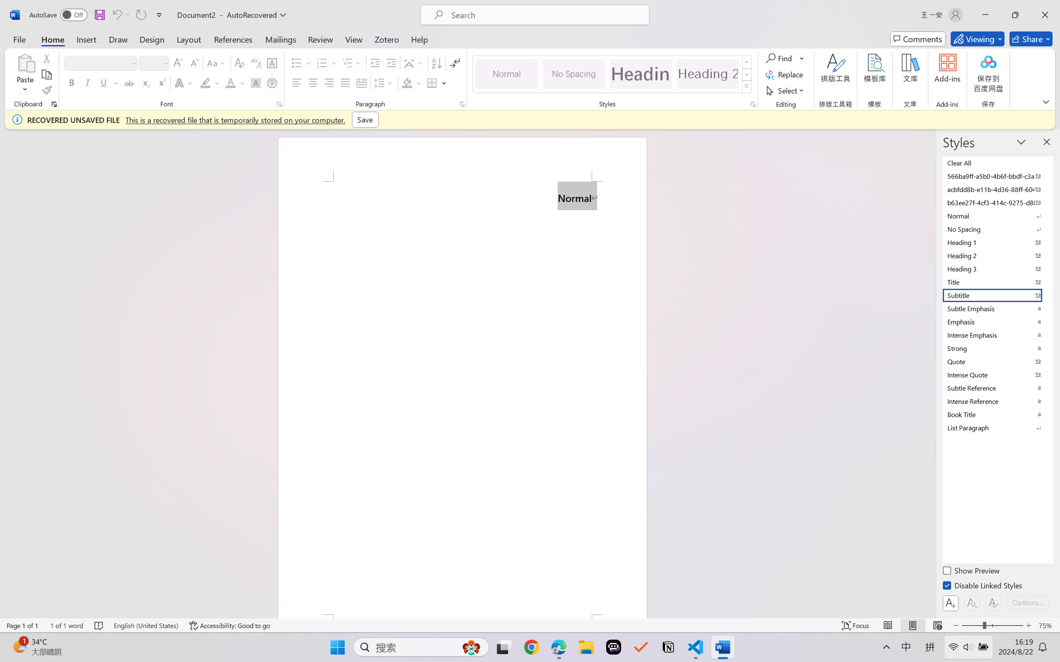 The width and height of the screenshot is (1060, 662). Describe the element at coordinates (120, 14) in the screenshot. I see `'Can'` at that location.